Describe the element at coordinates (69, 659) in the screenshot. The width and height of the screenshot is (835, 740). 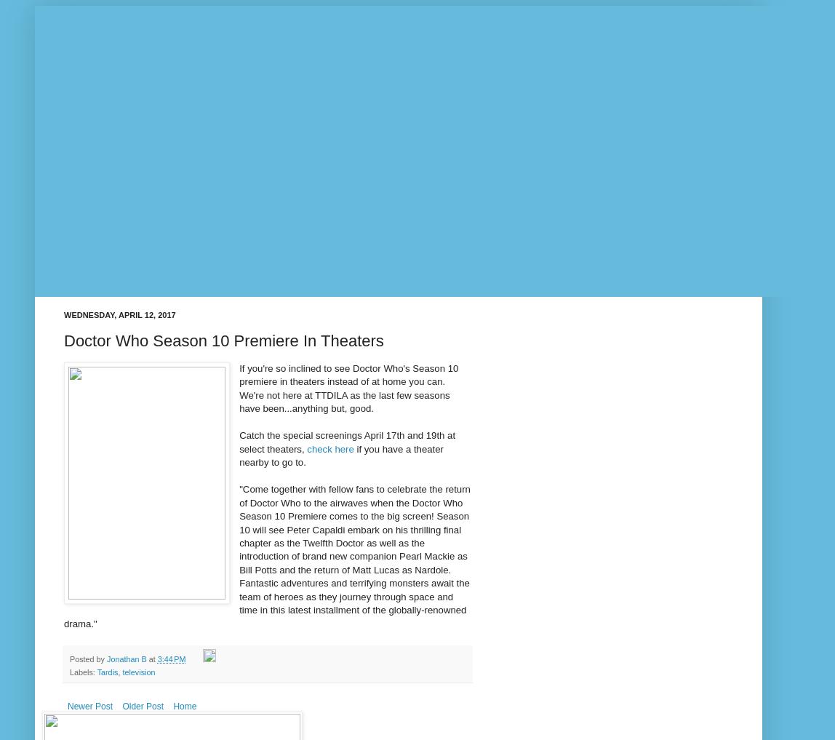
I see `'Posted by'` at that location.